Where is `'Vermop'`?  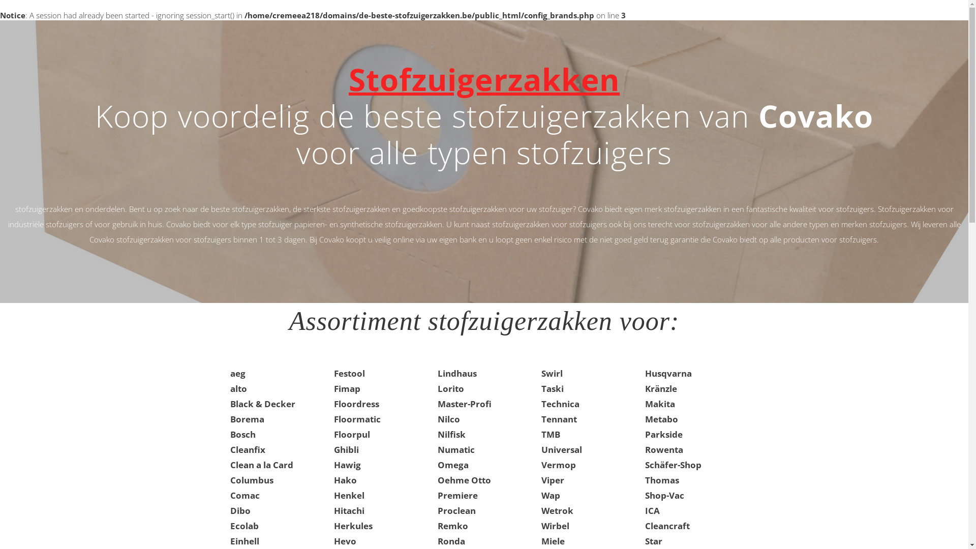
'Vermop' is located at coordinates (558, 465).